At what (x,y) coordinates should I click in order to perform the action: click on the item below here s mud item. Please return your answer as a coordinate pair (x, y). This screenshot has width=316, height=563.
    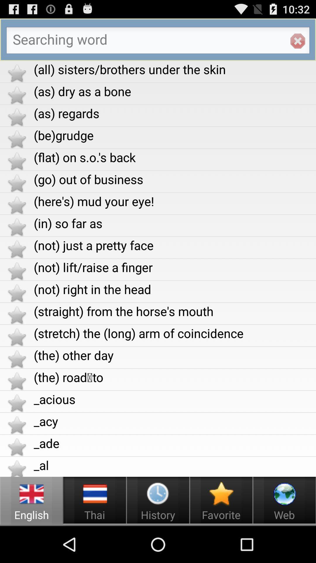
    Looking at the image, I should click on (174, 223).